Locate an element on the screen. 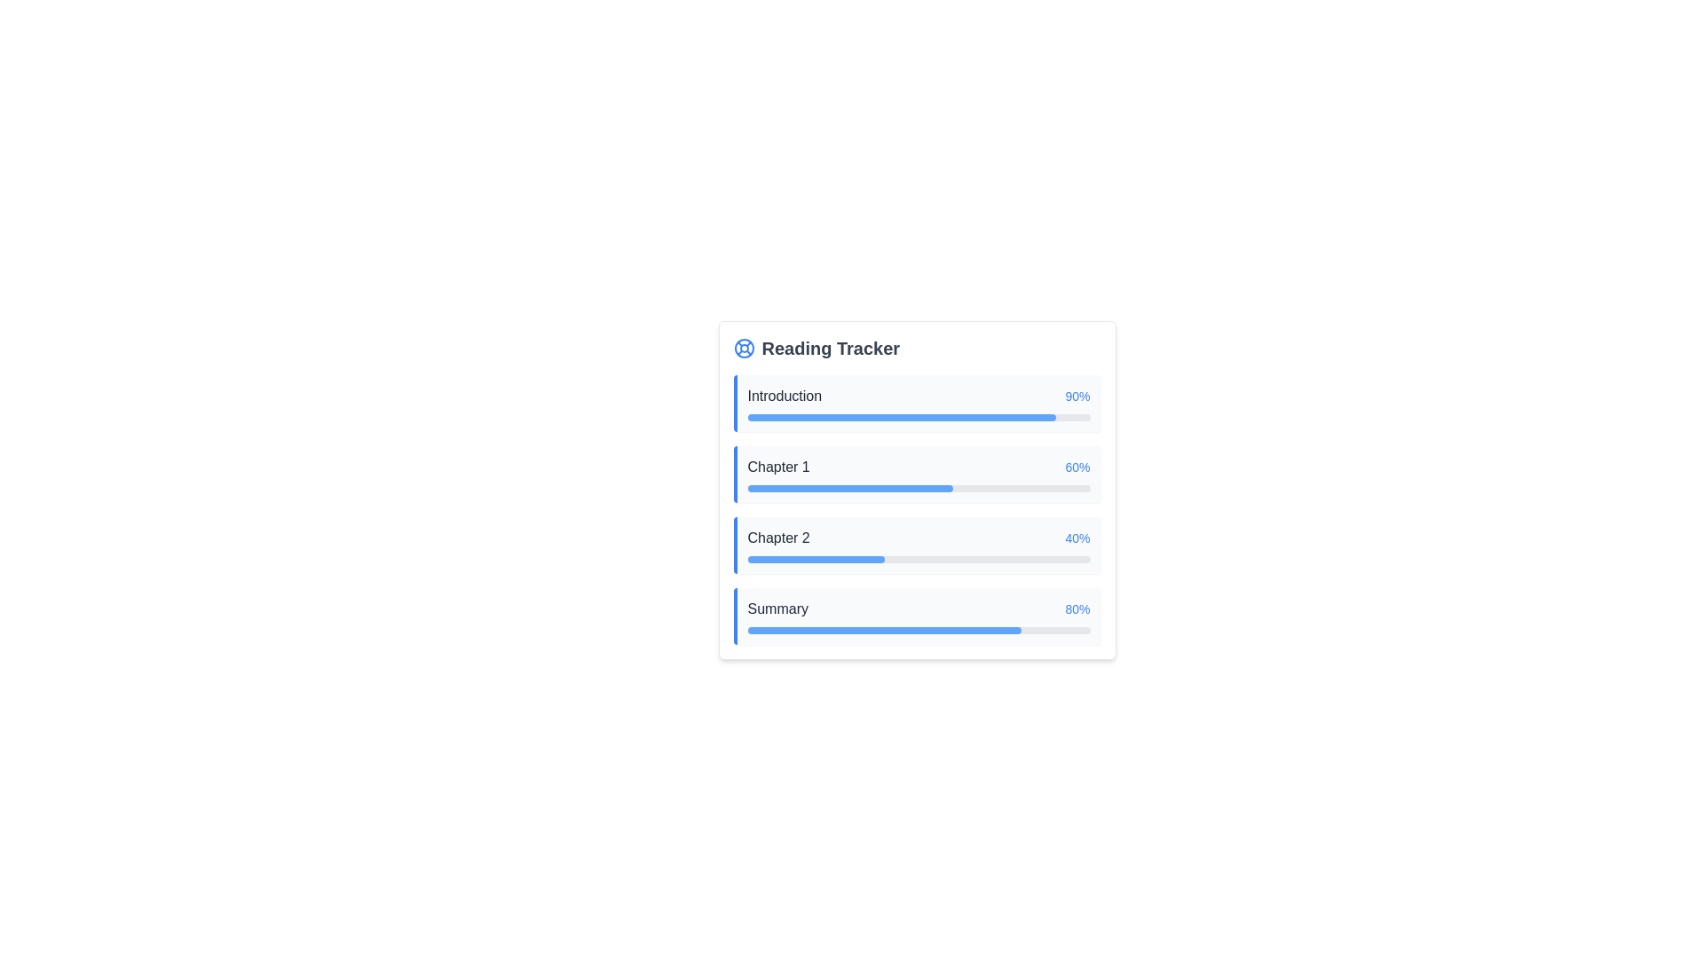 The image size is (1704, 958). the circular life buoy icon with a blue outline located adjacent to the 'Reading Tracker' text is located at coordinates (744, 349).